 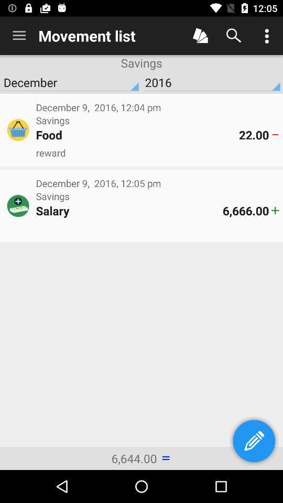 What do you see at coordinates (137, 134) in the screenshot?
I see `the item next to 22.00 icon` at bounding box center [137, 134].